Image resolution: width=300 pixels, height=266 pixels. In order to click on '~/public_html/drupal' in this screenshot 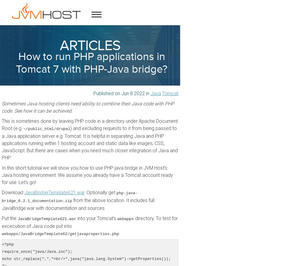, I will do `click(47, 128)`.